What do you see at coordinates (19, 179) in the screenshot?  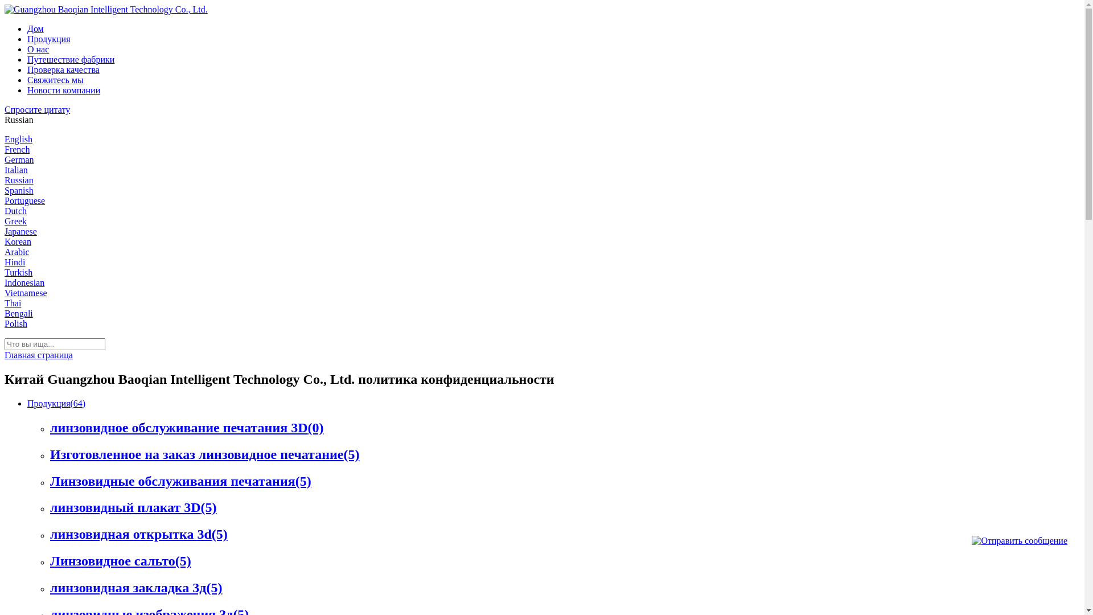 I see `'Russian'` at bounding box center [19, 179].